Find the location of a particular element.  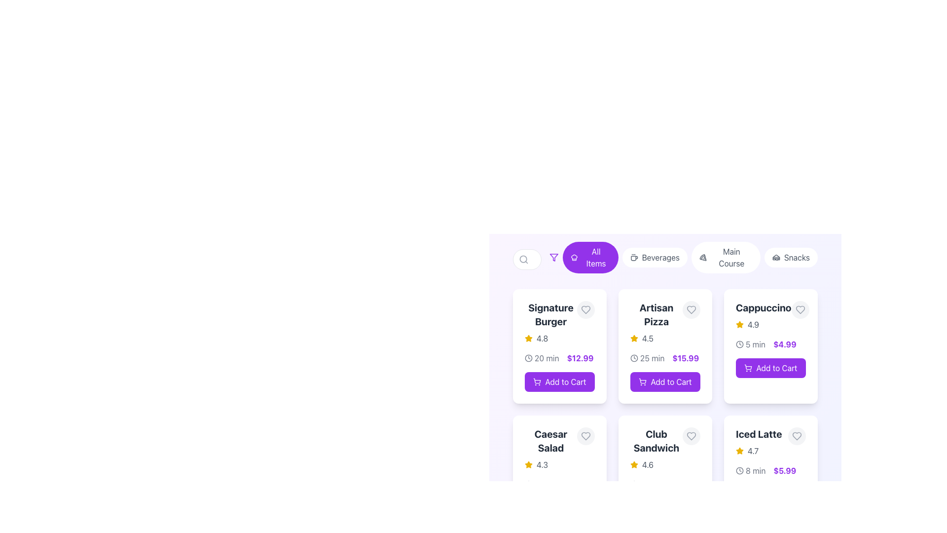

the 'Signature Burger' label or text block to interact with nearby icons for favorites and ratings is located at coordinates (559, 323).